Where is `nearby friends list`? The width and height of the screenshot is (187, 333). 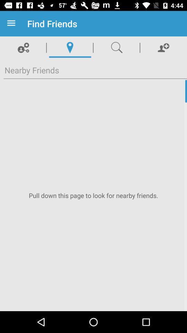
nearby friends list is located at coordinates (93, 195).